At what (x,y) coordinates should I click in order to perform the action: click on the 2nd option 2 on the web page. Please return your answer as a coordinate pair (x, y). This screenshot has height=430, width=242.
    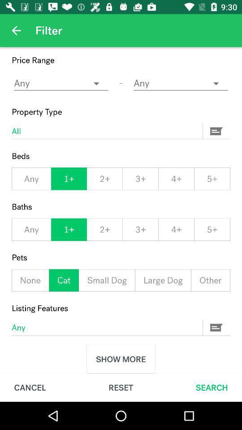
    Looking at the image, I should click on (104, 229).